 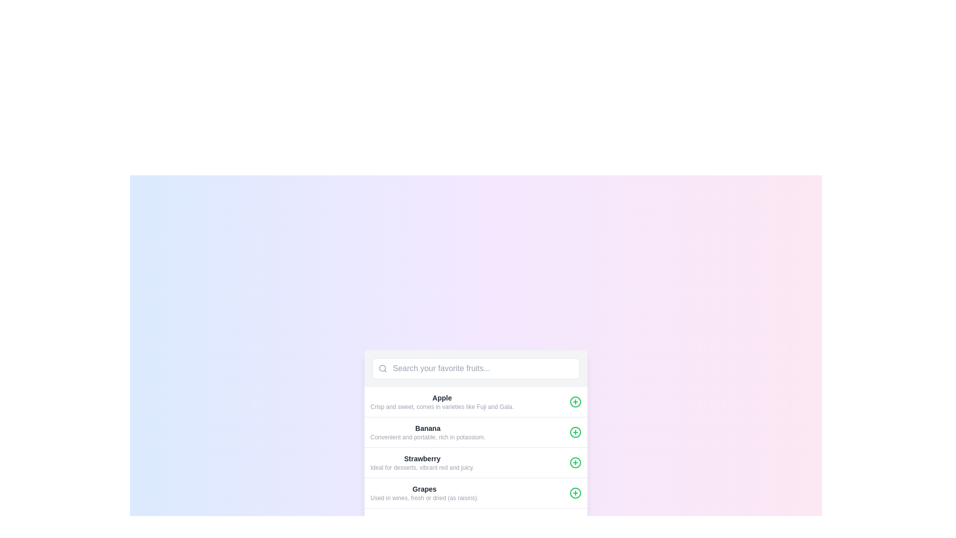 What do you see at coordinates (442, 397) in the screenshot?
I see `text label that serves as the title for the fruit 'Apple', located near the top of the list below the search bar` at bounding box center [442, 397].